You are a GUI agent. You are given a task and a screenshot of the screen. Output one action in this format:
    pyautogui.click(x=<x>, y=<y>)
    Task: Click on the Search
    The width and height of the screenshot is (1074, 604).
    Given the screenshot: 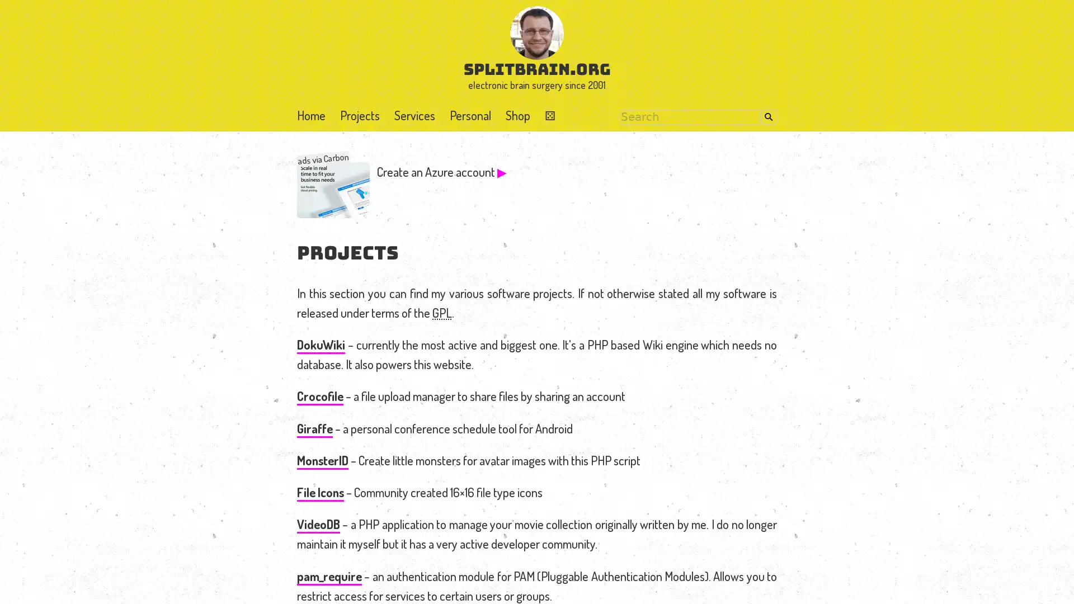 What is the action you would take?
    pyautogui.click(x=768, y=117)
    